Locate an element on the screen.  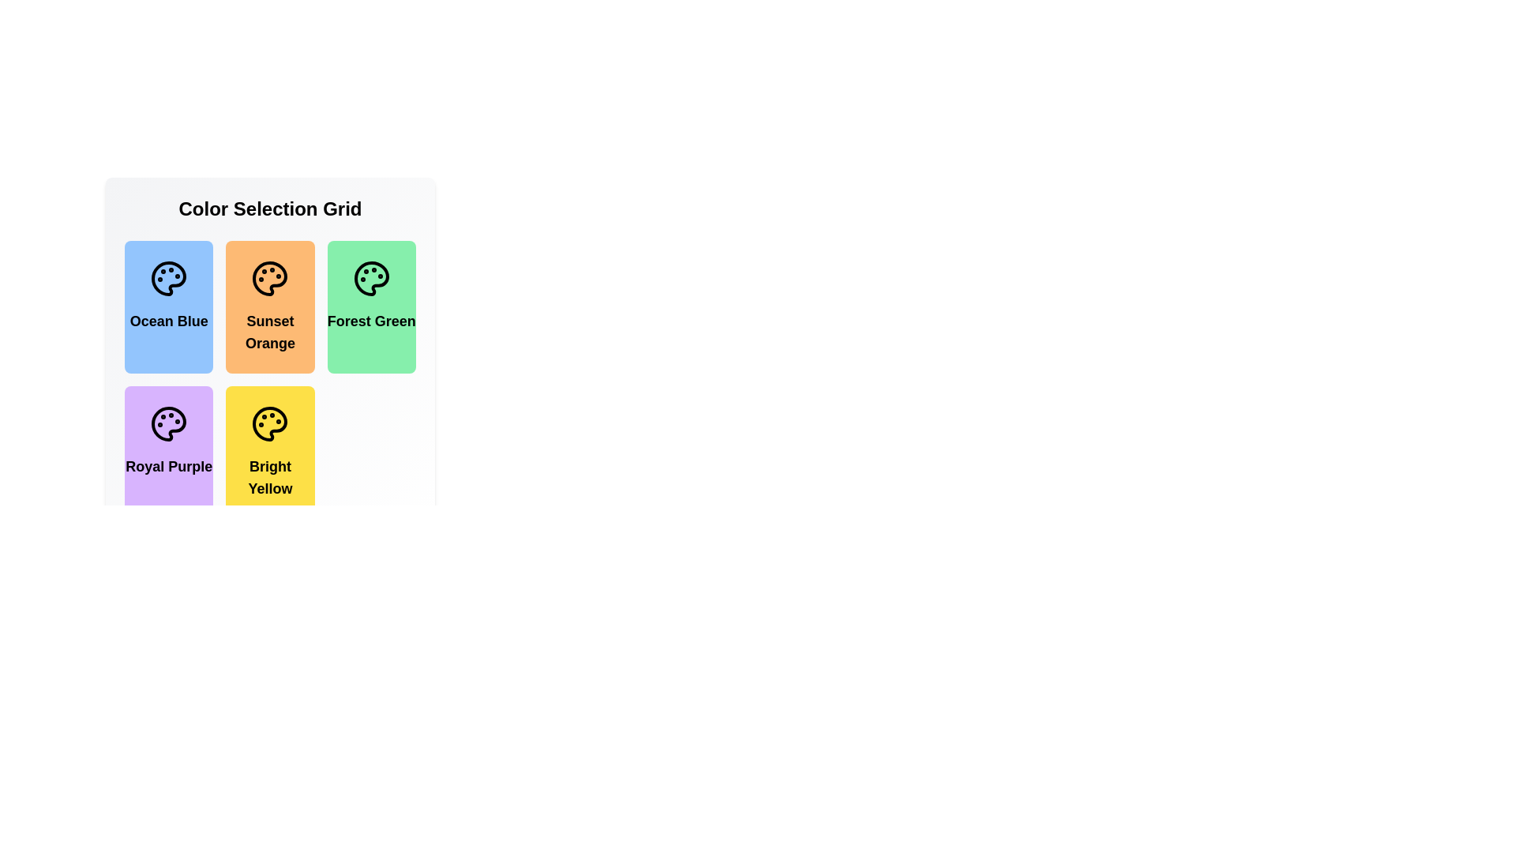
the color item Sunset Orange is located at coordinates (269, 307).